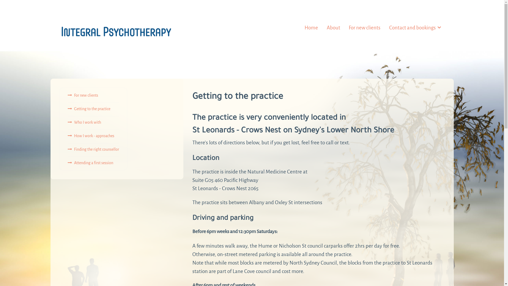 The width and height of the screenshot is (508, 286). I want to click on 'Getting to the practice', so click(89, 108).